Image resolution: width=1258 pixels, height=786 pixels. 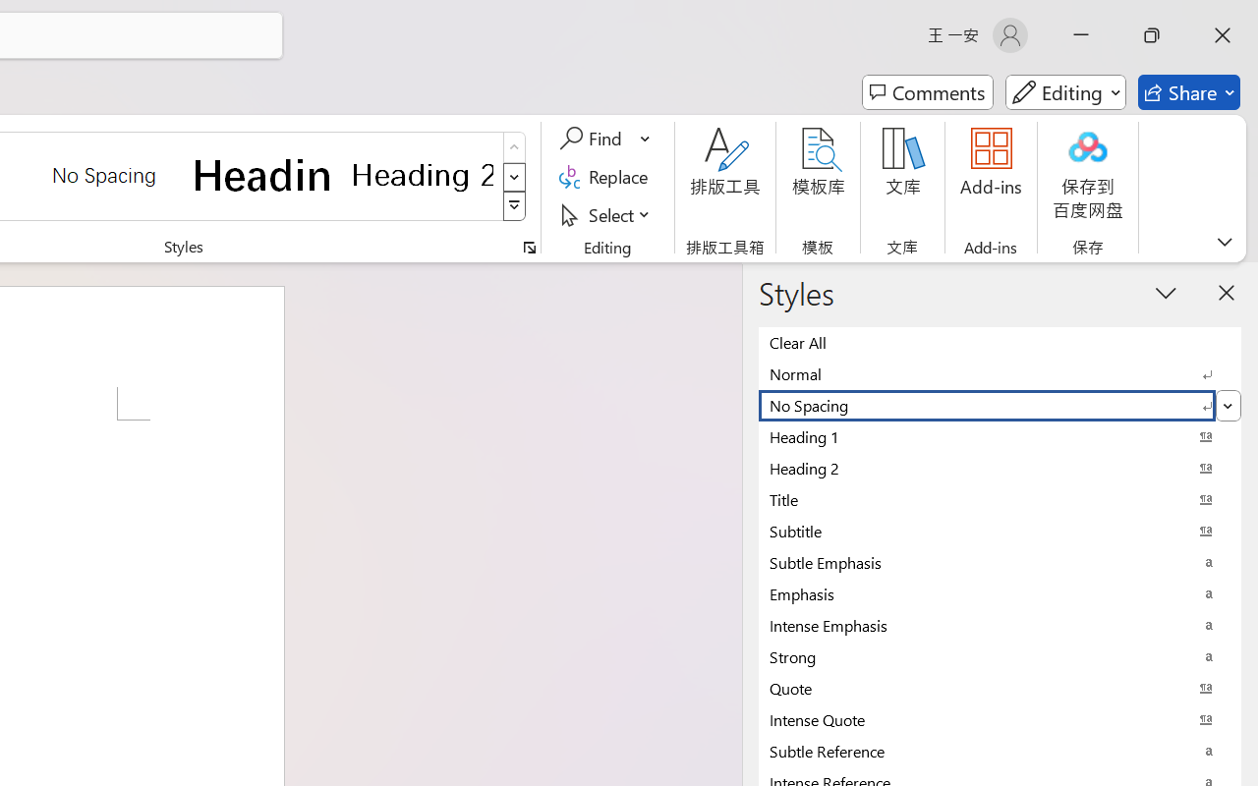 I want to click on 'No Spacing', so click(x=1000, y=405).